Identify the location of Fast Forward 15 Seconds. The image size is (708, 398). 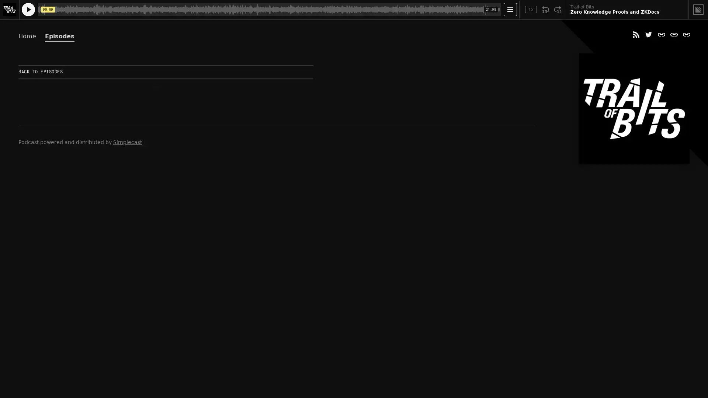
(558, 10).